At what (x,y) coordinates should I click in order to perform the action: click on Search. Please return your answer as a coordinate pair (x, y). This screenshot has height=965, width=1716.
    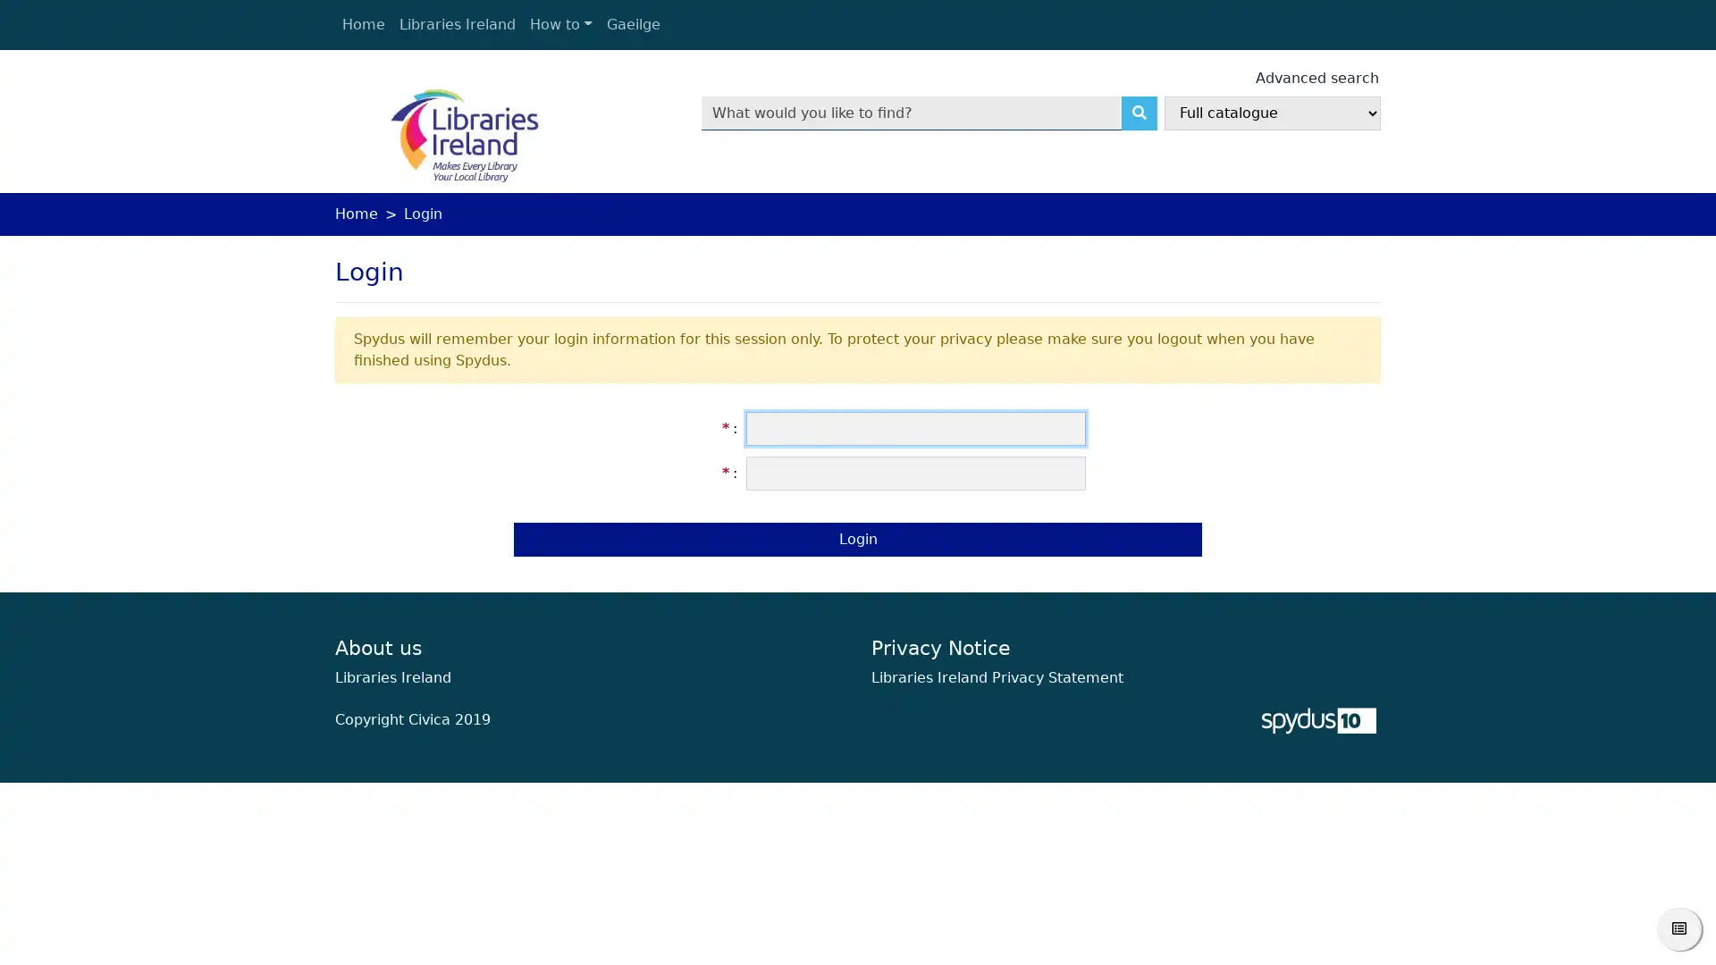
    Looking at the image, I should click on (1139, 113).